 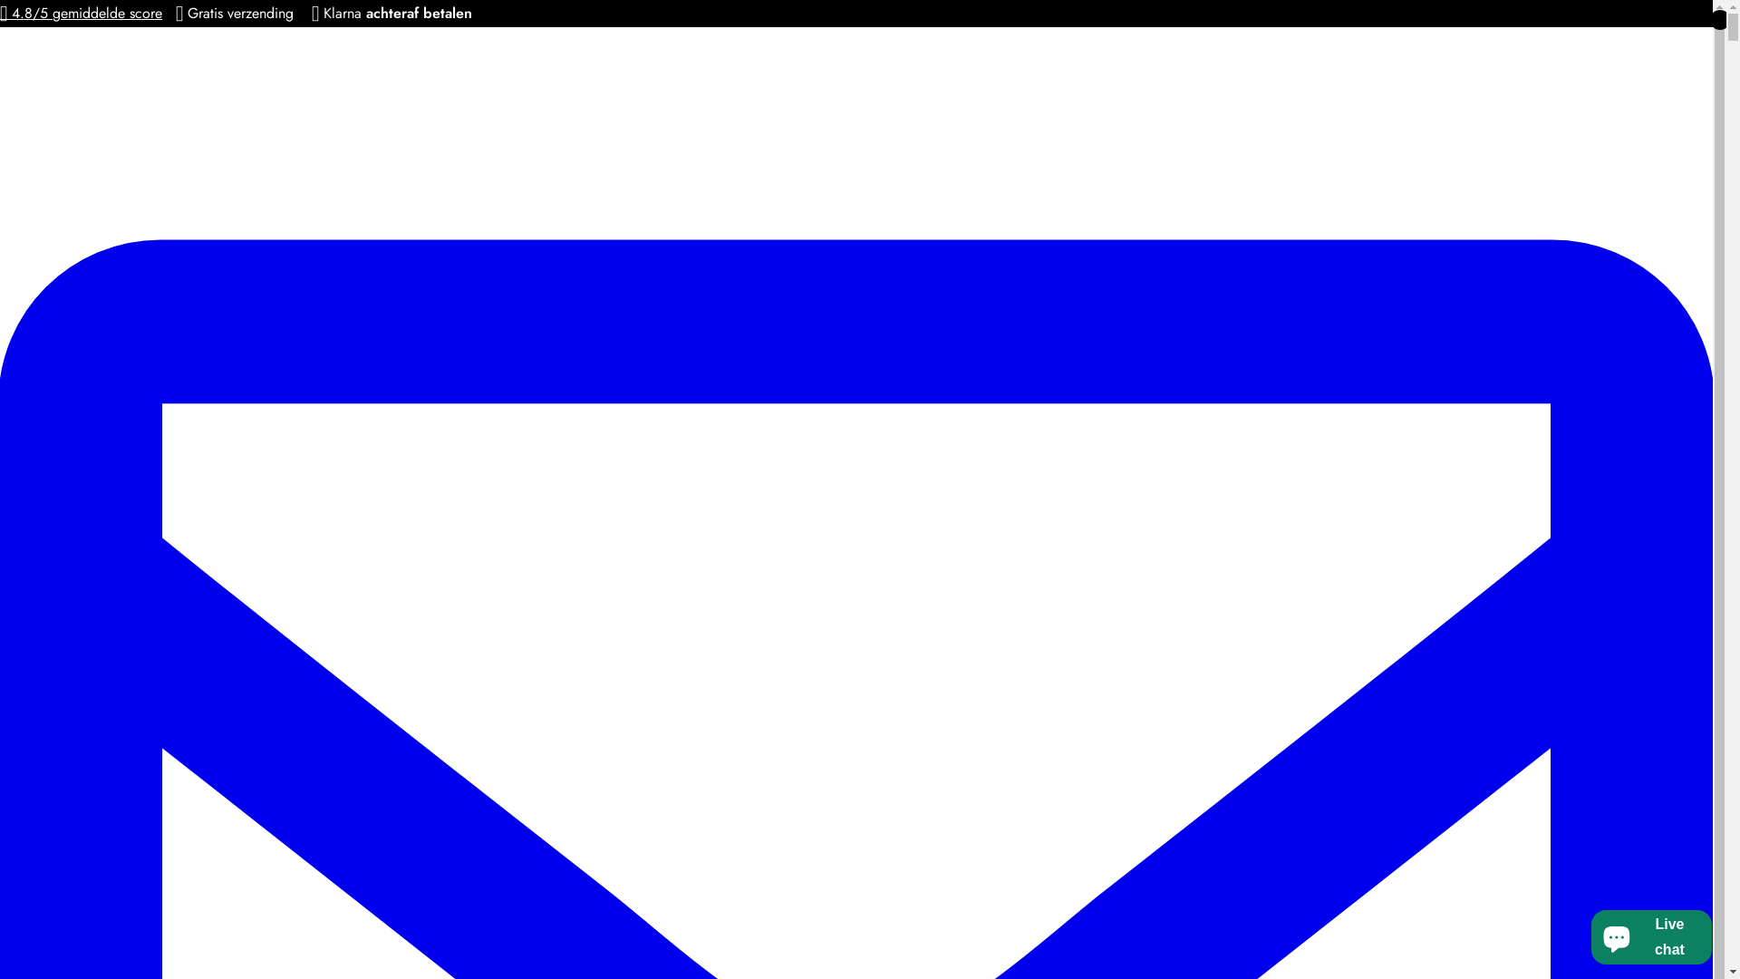 What do you see at coordinates (1585, 933) in the screenshot?
I see `'Onlinewinkel-chat van Shopify'` at bounding box center [1585, 933].